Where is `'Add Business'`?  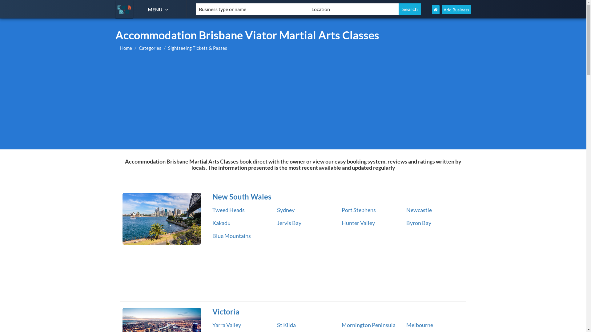 'Add Business' is located at coordinates (456, 10).